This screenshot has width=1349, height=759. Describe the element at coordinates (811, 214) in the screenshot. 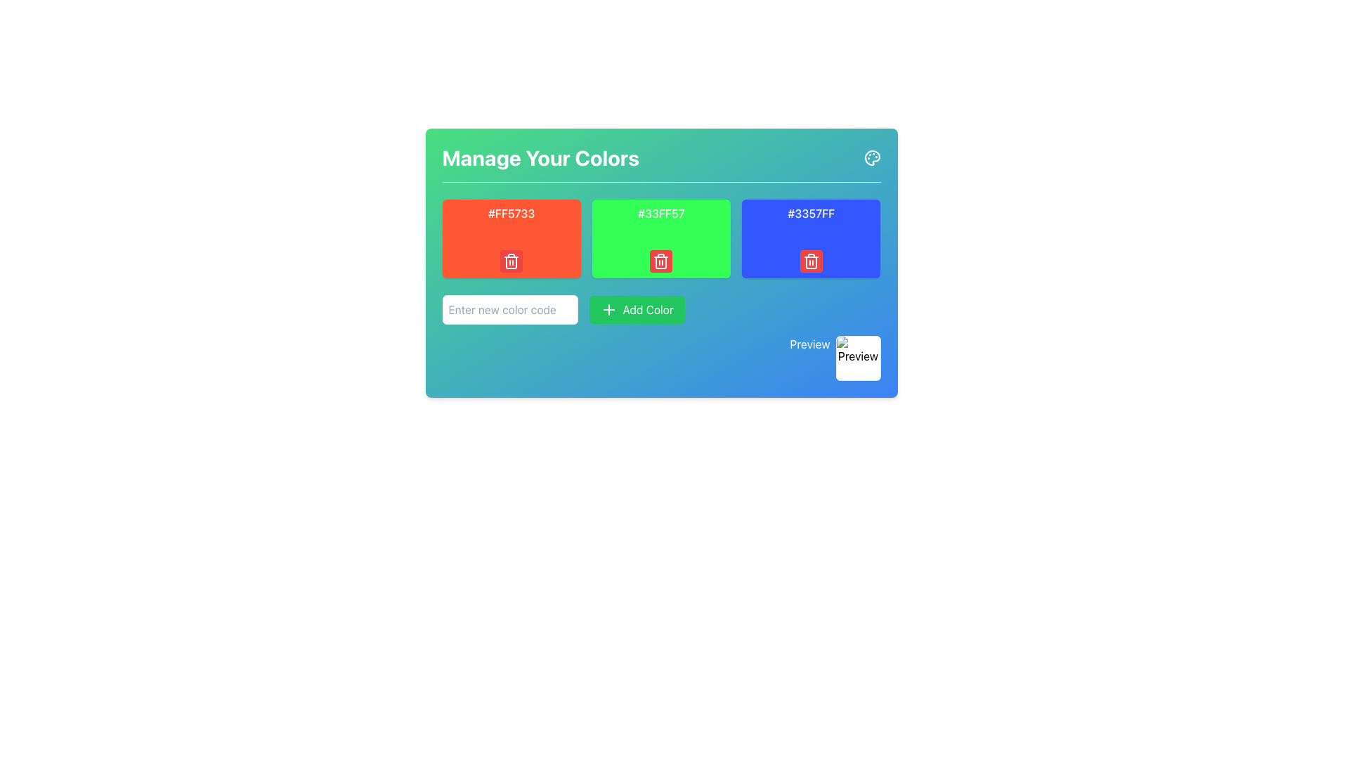

I see `the text label displaying '#3357FF', which is styled with a white font color and medium weight, located at the top of a blue background card, positioned above a red button with a trash icon` at that location.